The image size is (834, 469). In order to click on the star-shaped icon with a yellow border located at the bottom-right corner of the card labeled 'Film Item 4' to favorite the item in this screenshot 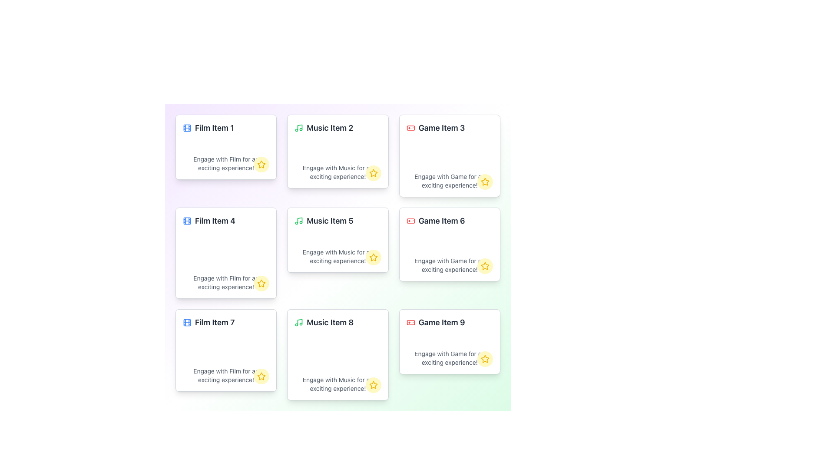, I will do `click(261, 283)`.